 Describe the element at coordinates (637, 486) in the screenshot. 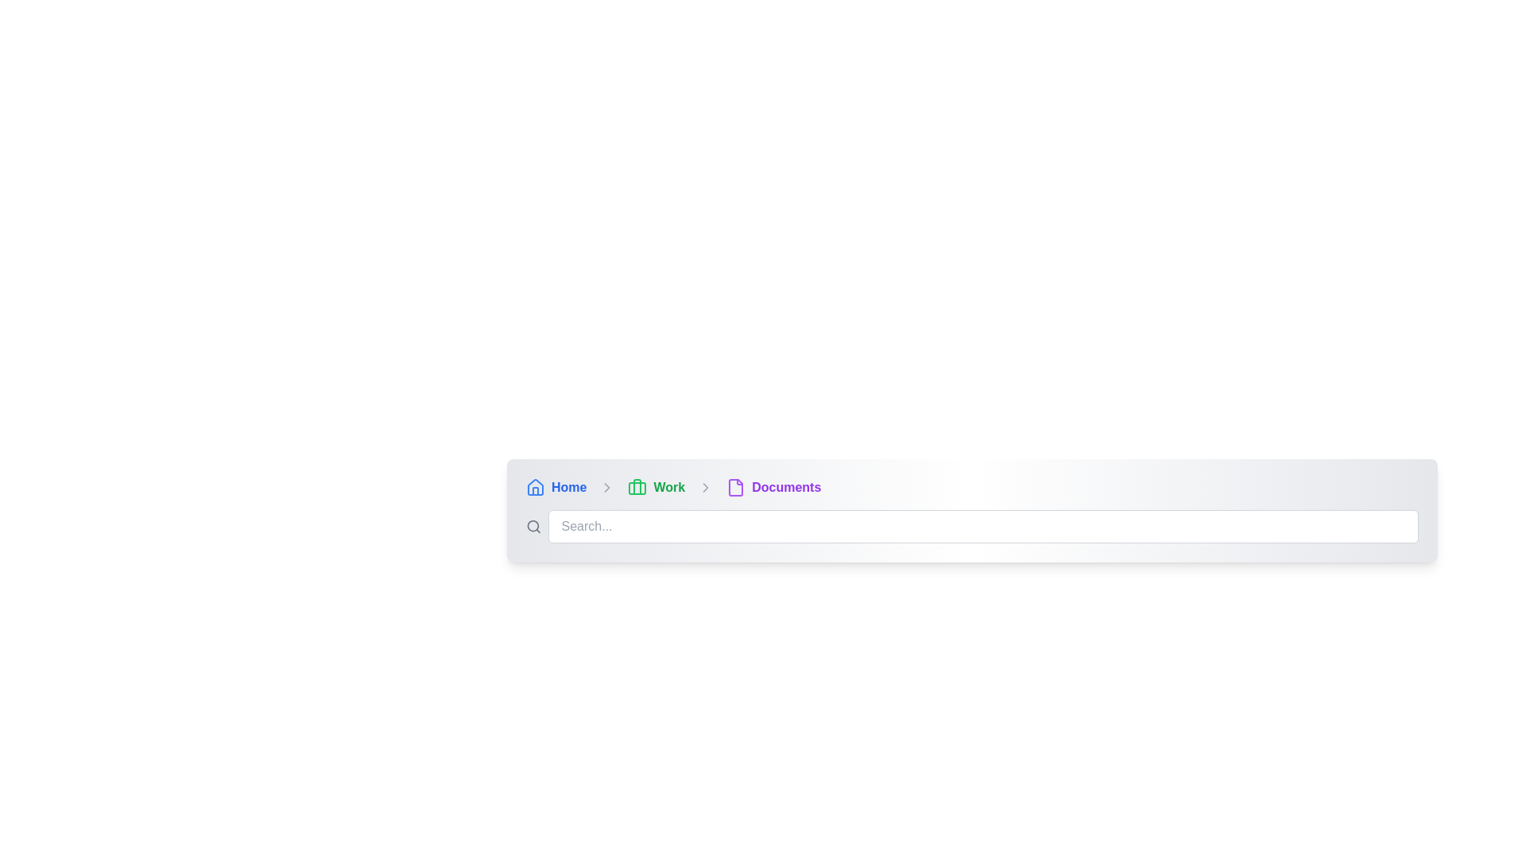

I see `the vertical central line of the briefcase icon in the 'Work' section of the breadcrumb navigation bar` at that location.